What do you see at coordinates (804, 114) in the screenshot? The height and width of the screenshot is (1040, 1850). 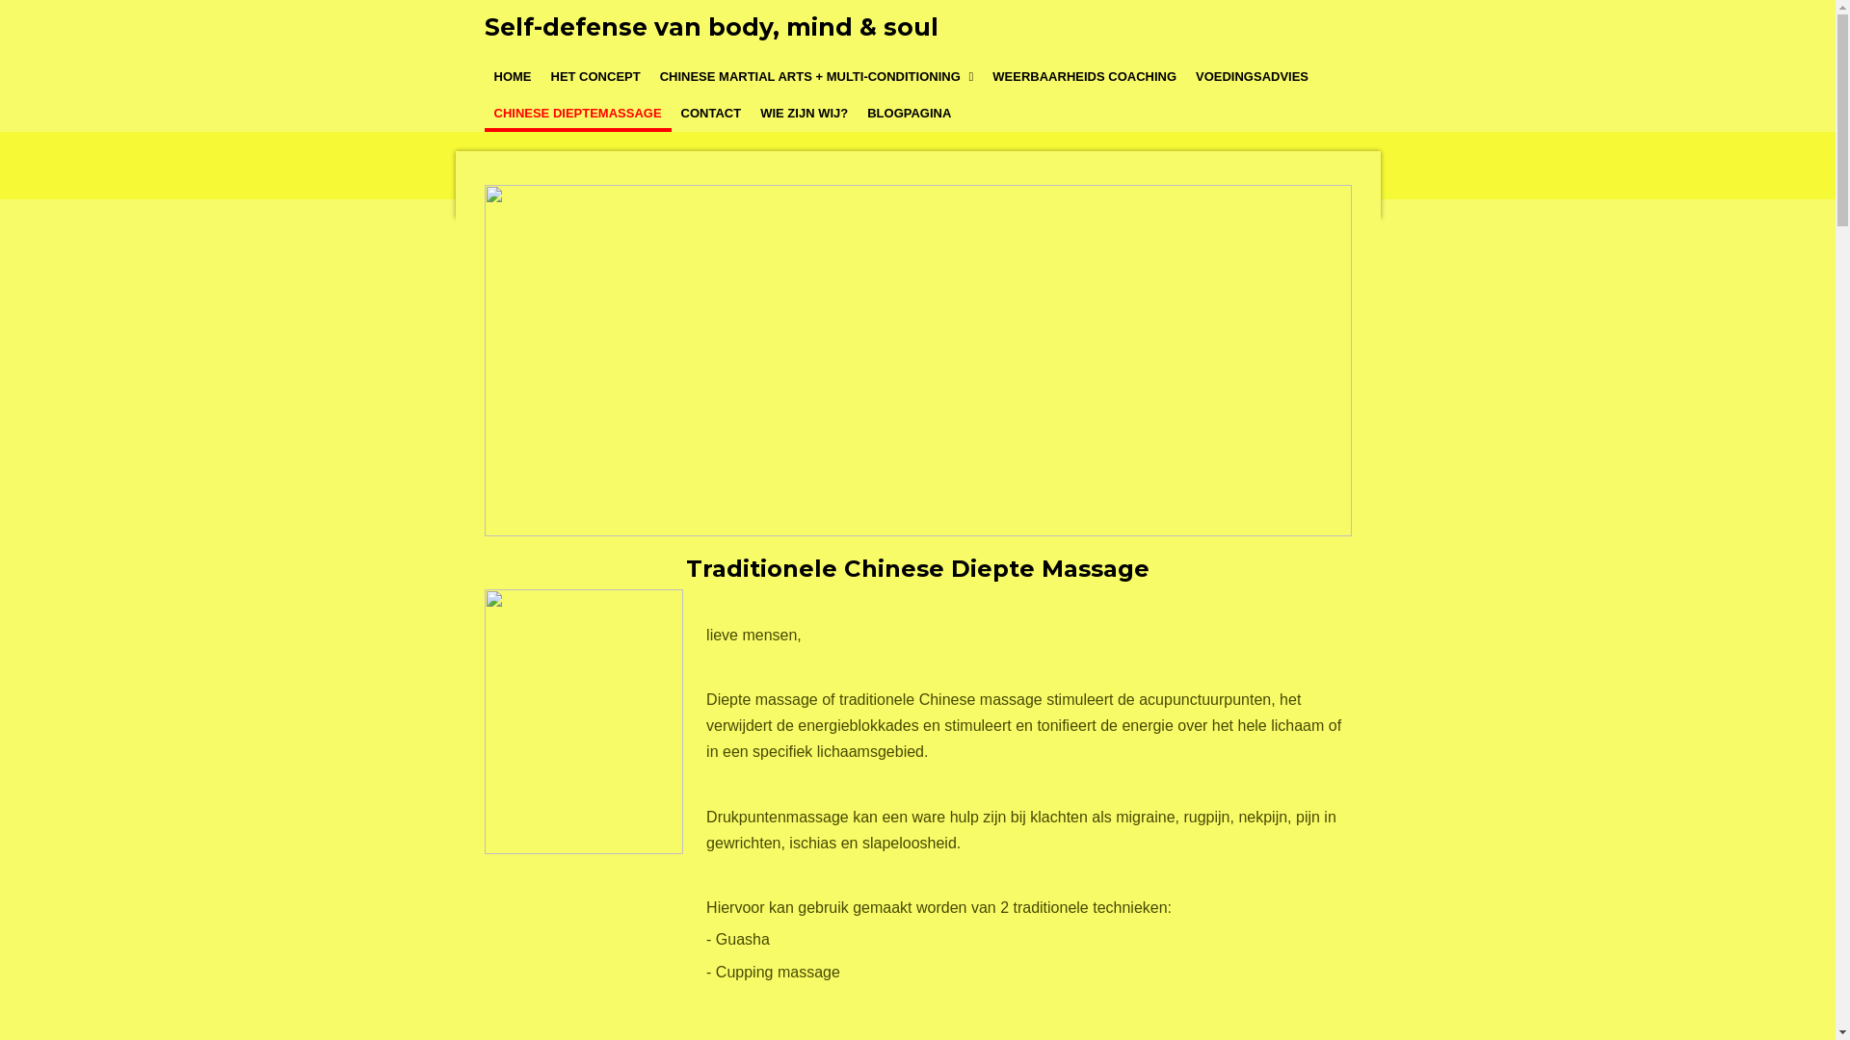 I see `'WIE ZIJN WIJ?'` at bounding box center [804, 114].